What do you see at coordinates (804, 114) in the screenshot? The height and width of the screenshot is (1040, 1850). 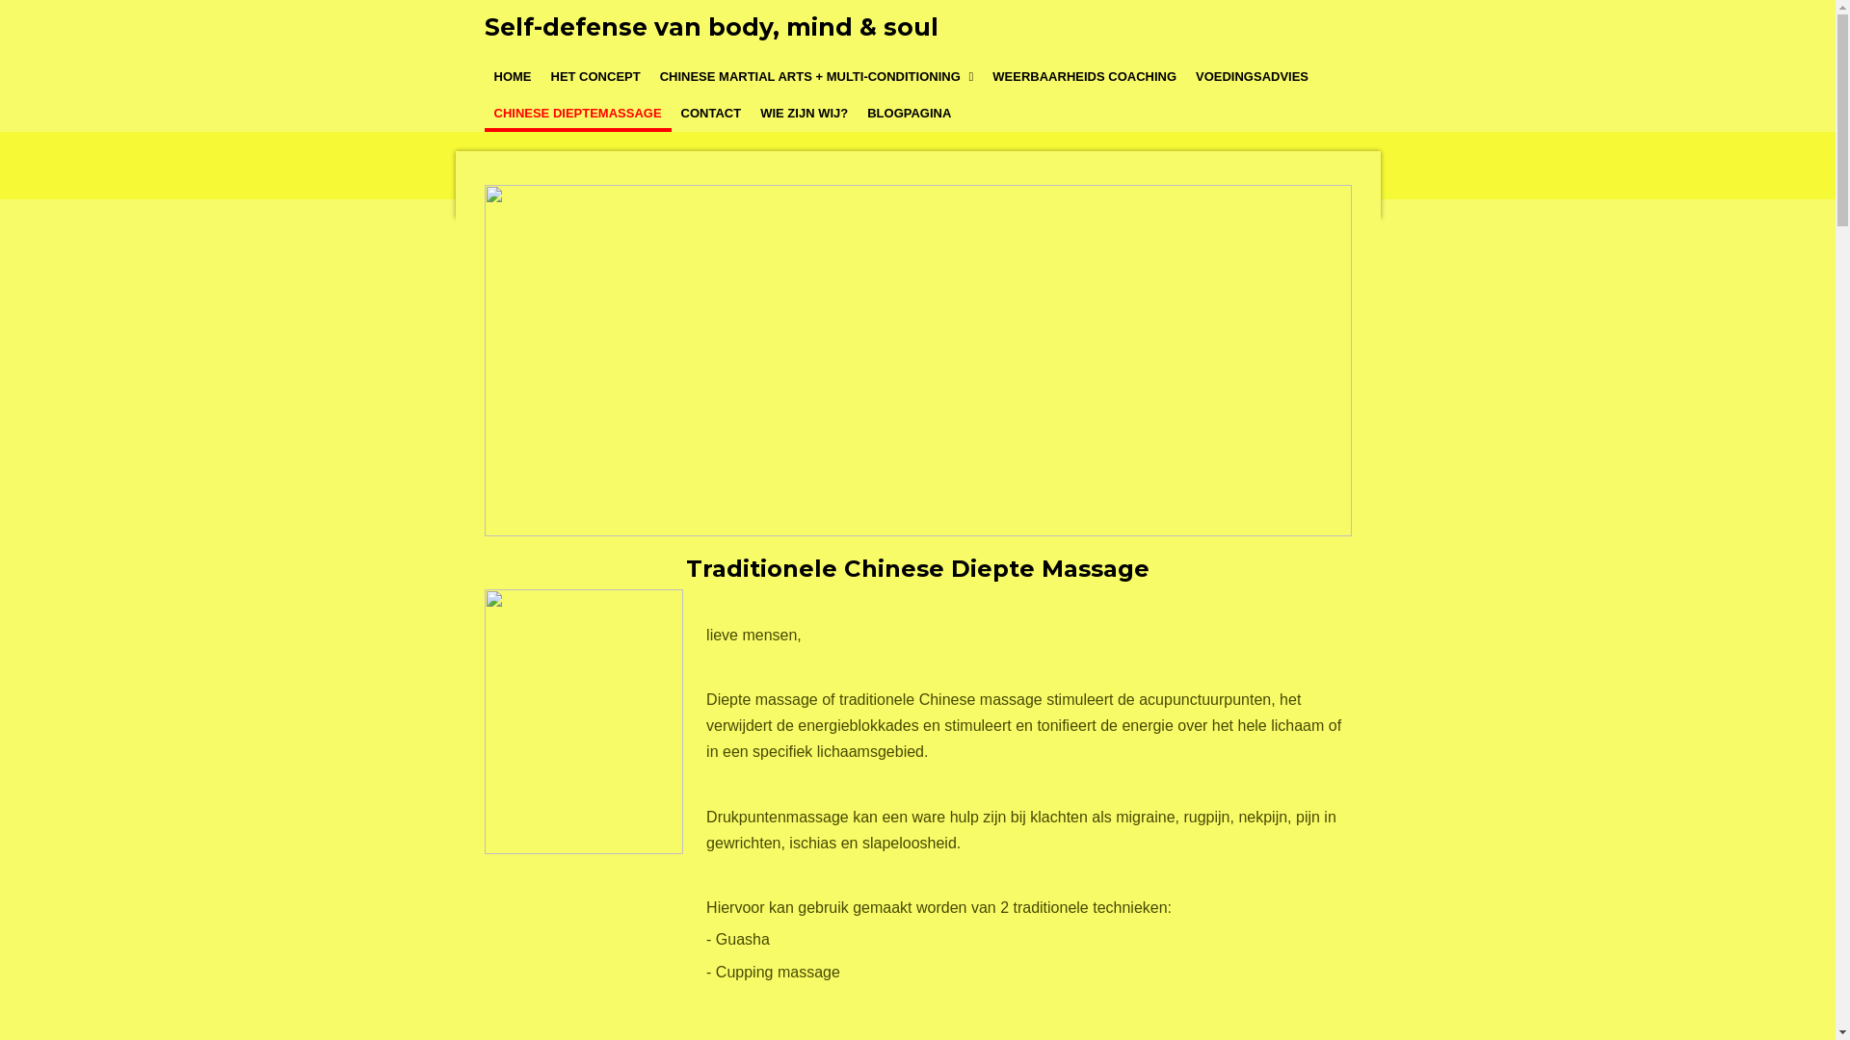 I see `'WIE ZIJN WIJ?'` at bounding box center [804, 114].